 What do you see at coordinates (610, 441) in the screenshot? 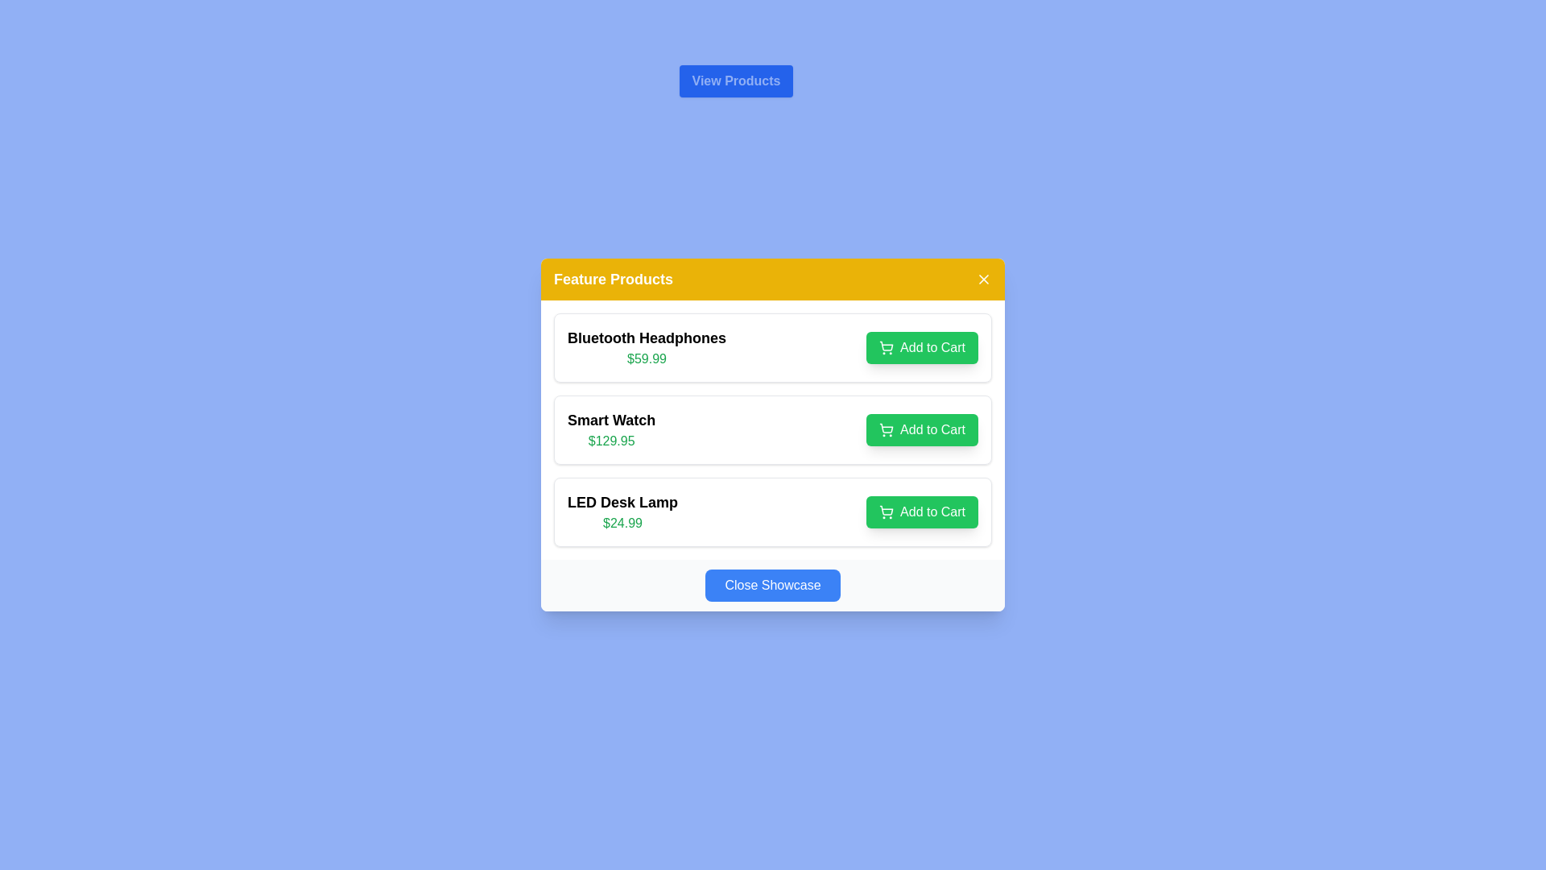
I see `the informational price display for the item labeled 'Smart Watch', which is located directly under the 'Smart Watch' label in the product listing interface` at bounding box center [610, 441].